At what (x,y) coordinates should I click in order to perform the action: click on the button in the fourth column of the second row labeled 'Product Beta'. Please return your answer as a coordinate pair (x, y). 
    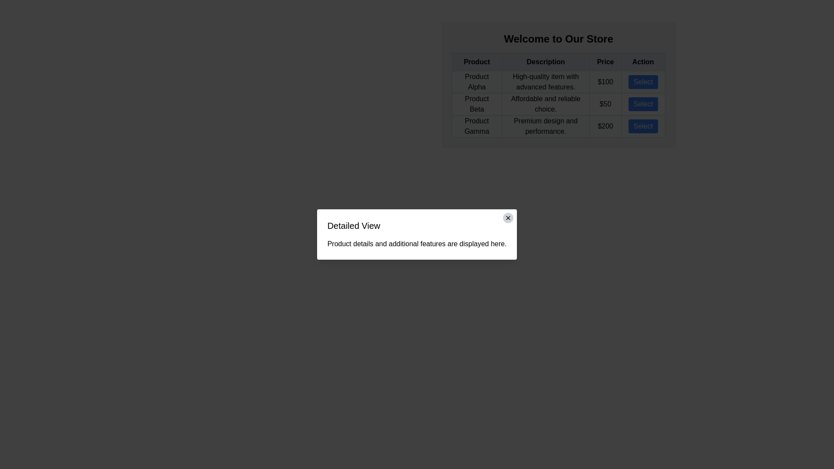
    Looking at the image, I should click on (642, 103).